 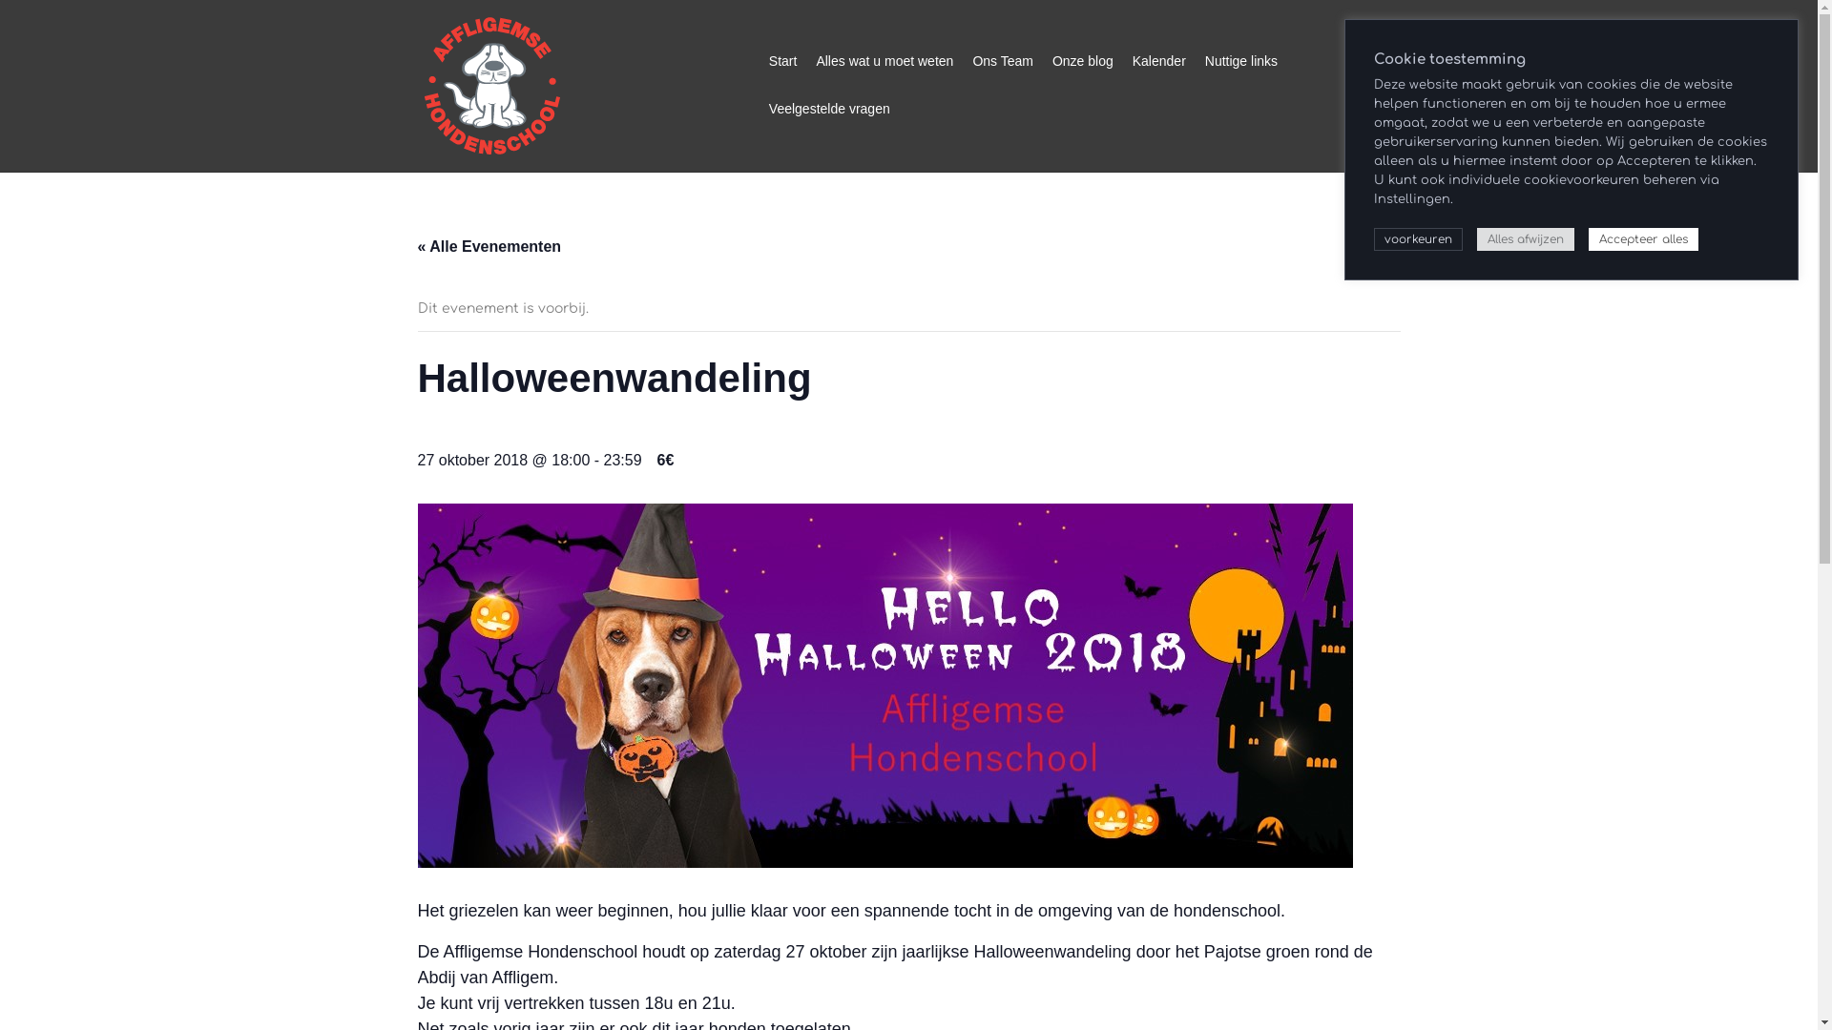 I want to click on 'Alles wat u moet weten', so click(x=883, y=61).